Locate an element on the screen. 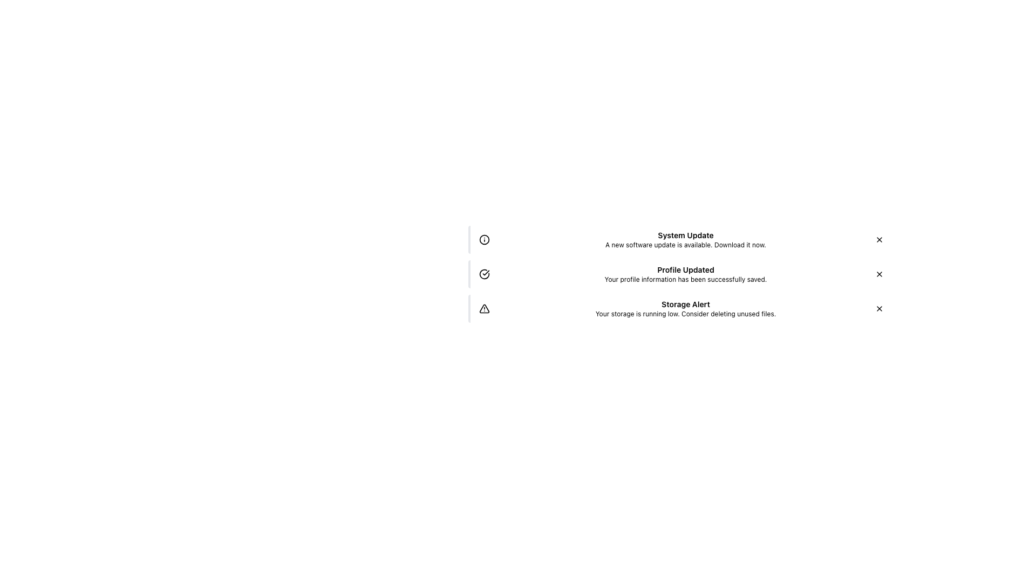  the informational text displaying 'Your storage is running low. Consider deleting unused files.' located under the 'Storage Alert' header is located at coordinates (685, 314).